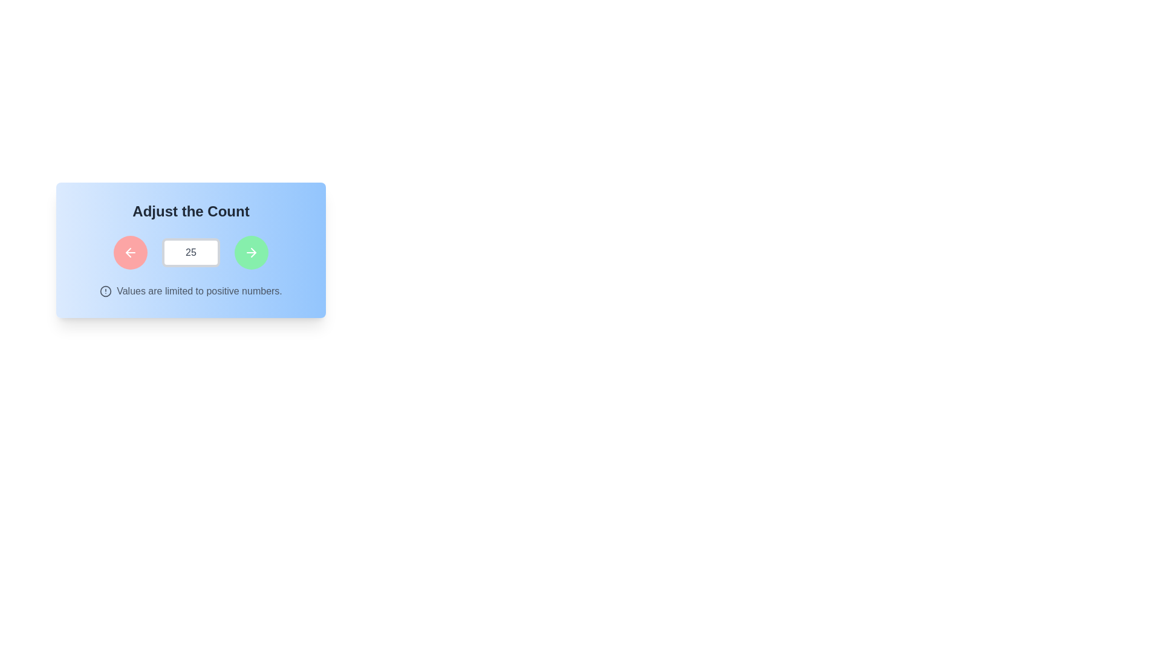 Image resolution: width=1161 pixels, height=653 pixels. Describe the element at coordinates (131, 252) in the screenshot. I see `the circular red button with a leftward-pointing white arrow icon, located within the 'Adjust the Count' section, to observe its hover effect` at that location.